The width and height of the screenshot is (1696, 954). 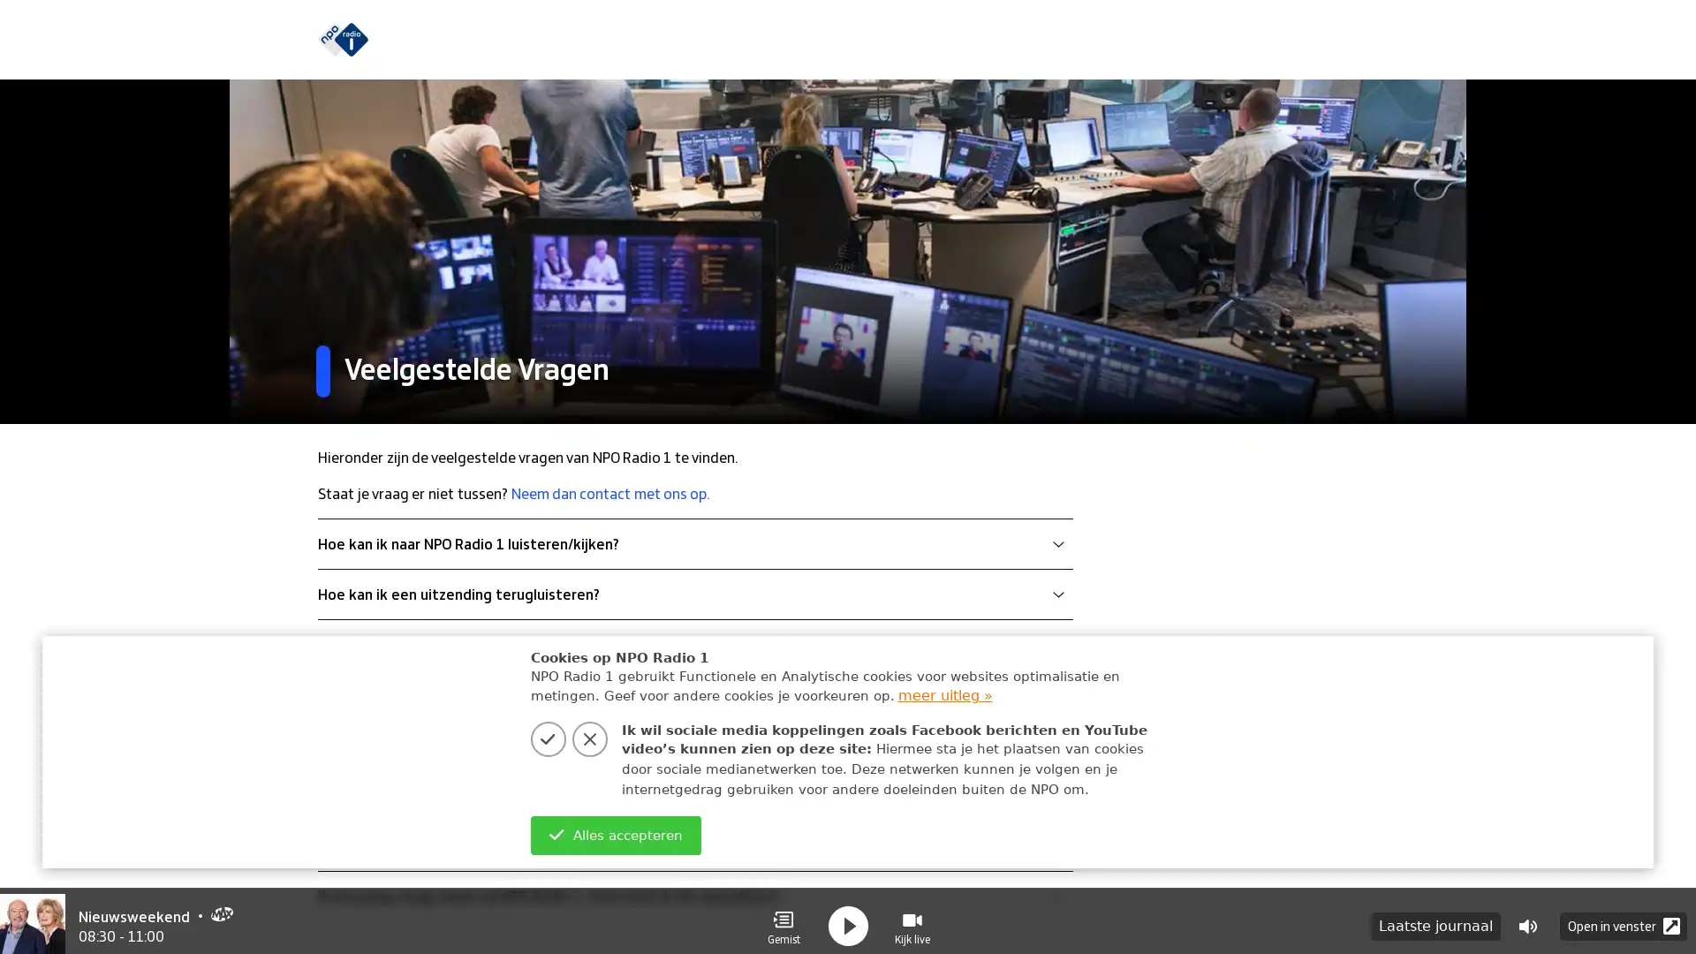 I want to click on play, so click(x=848, y=915).